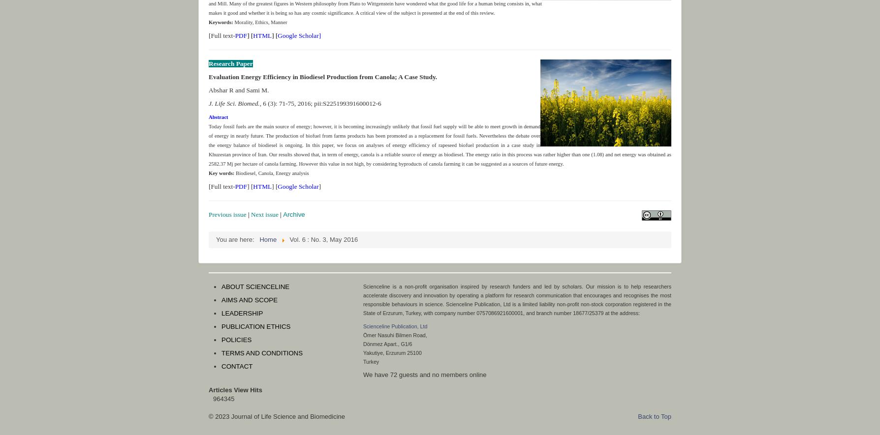  I want to click on 'Back to Top', so click(654, 416).